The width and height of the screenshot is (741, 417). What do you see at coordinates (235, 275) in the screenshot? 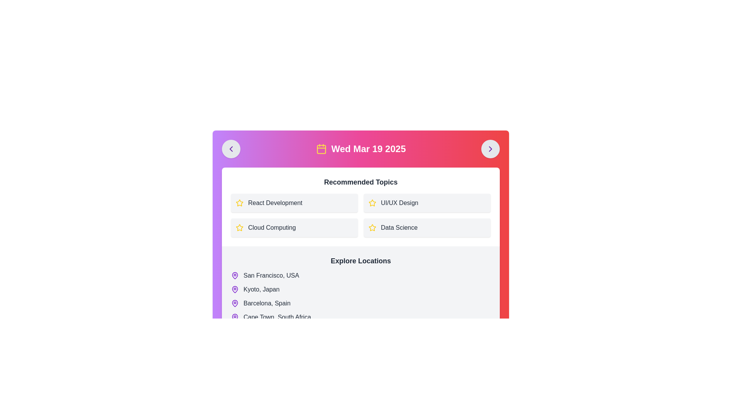
I see `the larger pin shape of the map pin icon located in the lower part of the layout, adjacent to the 'San Francisco, USA' label` at bounding box center [235, 275].